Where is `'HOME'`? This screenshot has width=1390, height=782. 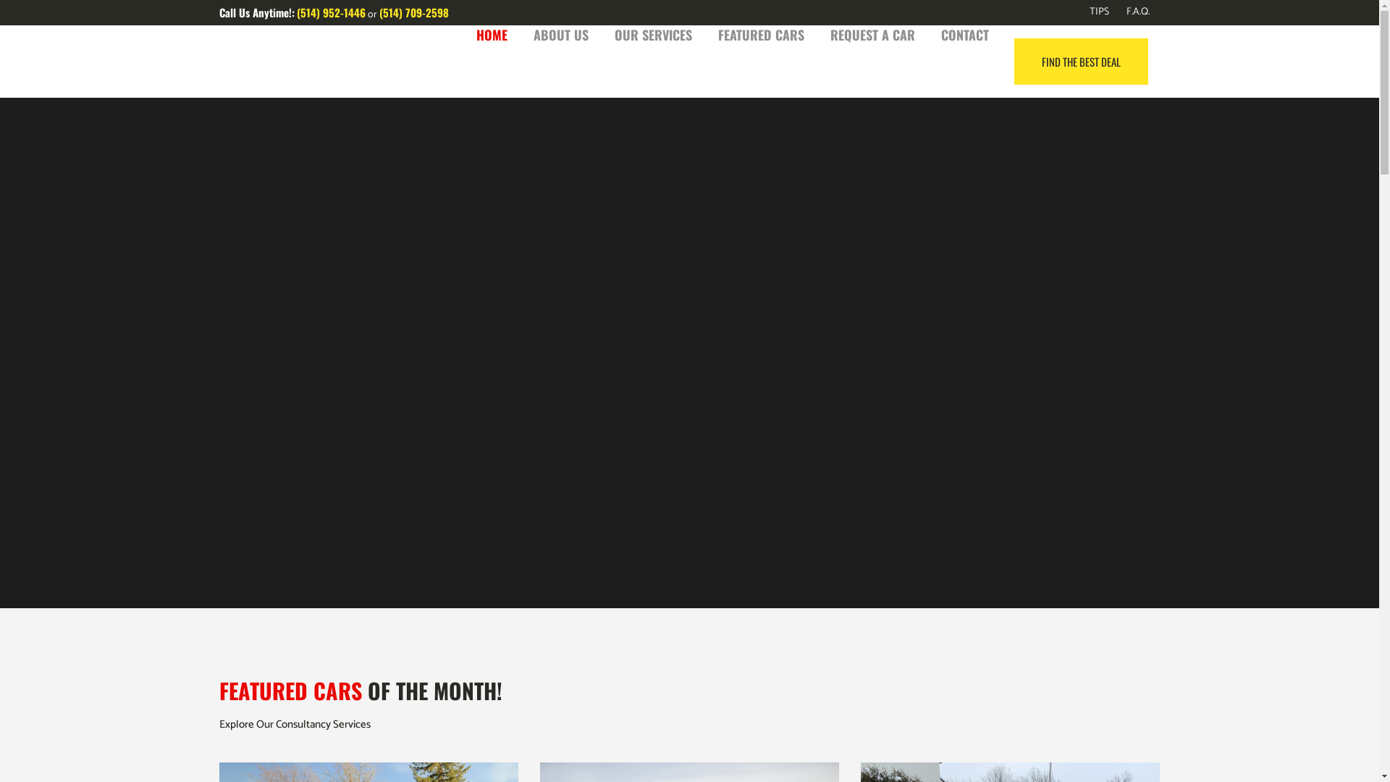 'HOME' is located at coordinates (492, 33).